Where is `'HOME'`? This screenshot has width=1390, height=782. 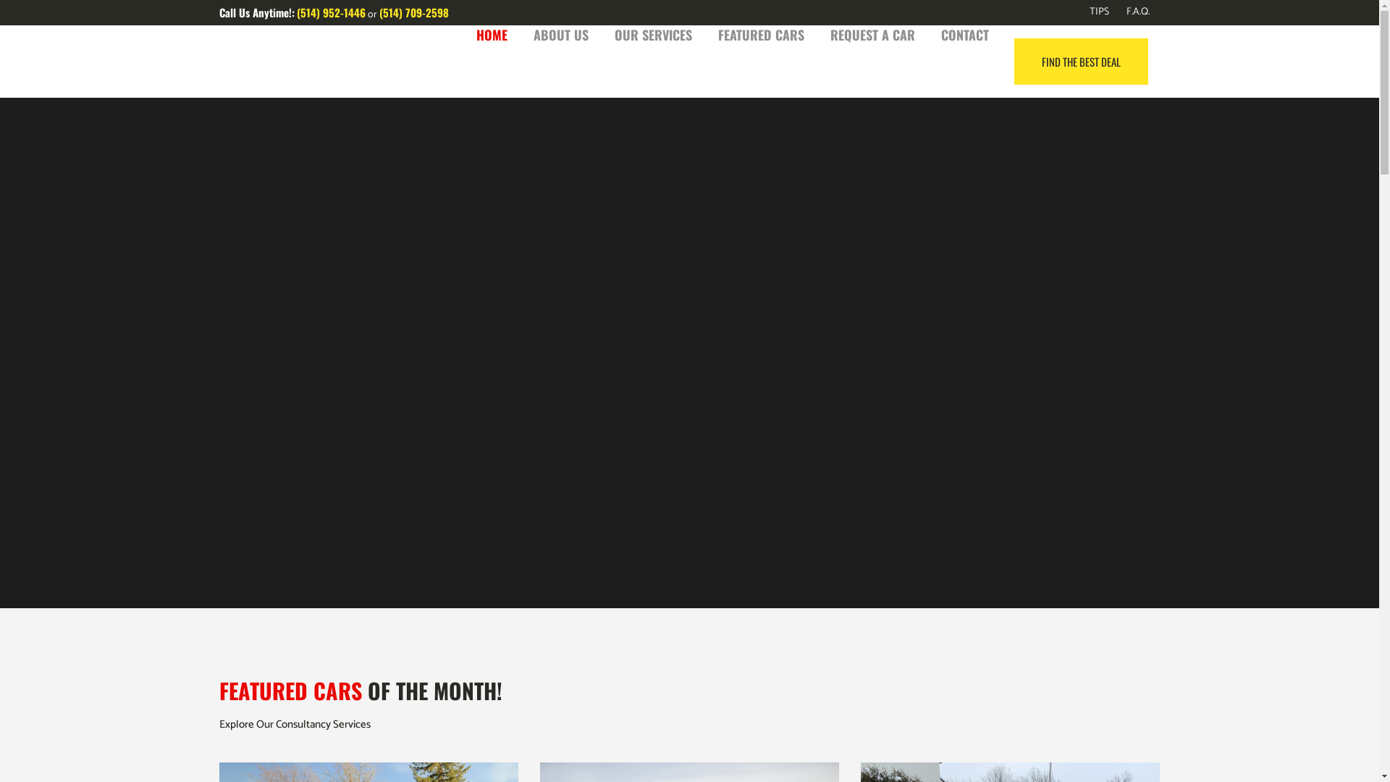 'HOME' is located at coordinates (492, 33).